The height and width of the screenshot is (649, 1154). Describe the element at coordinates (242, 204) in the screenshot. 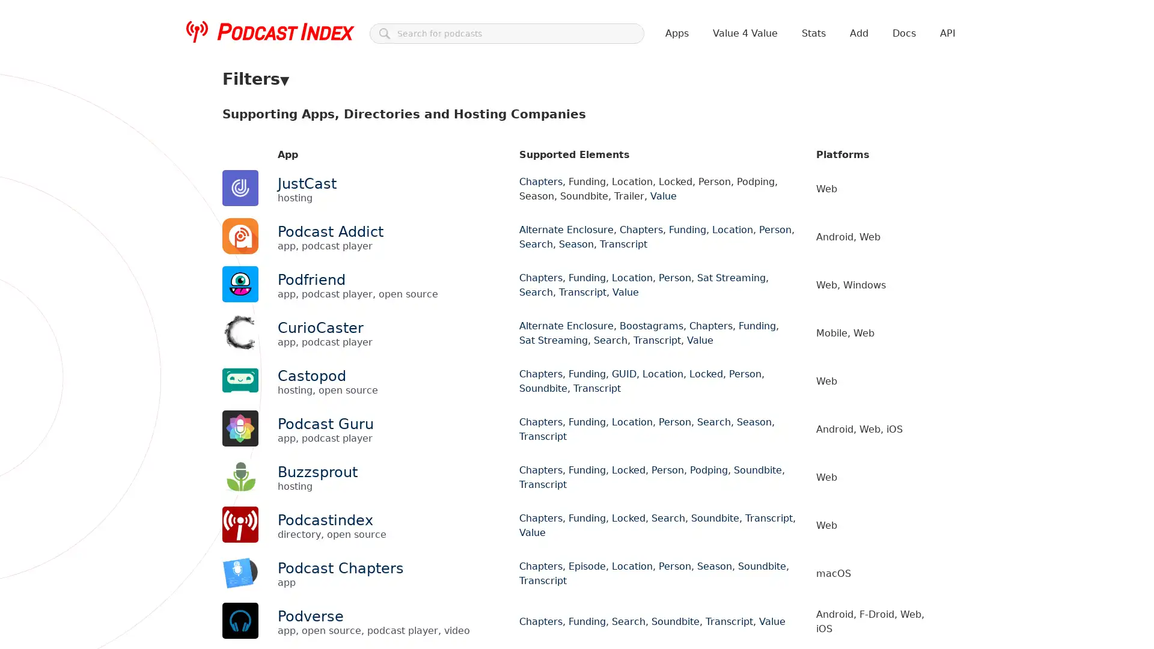

I see `Search` at that location.